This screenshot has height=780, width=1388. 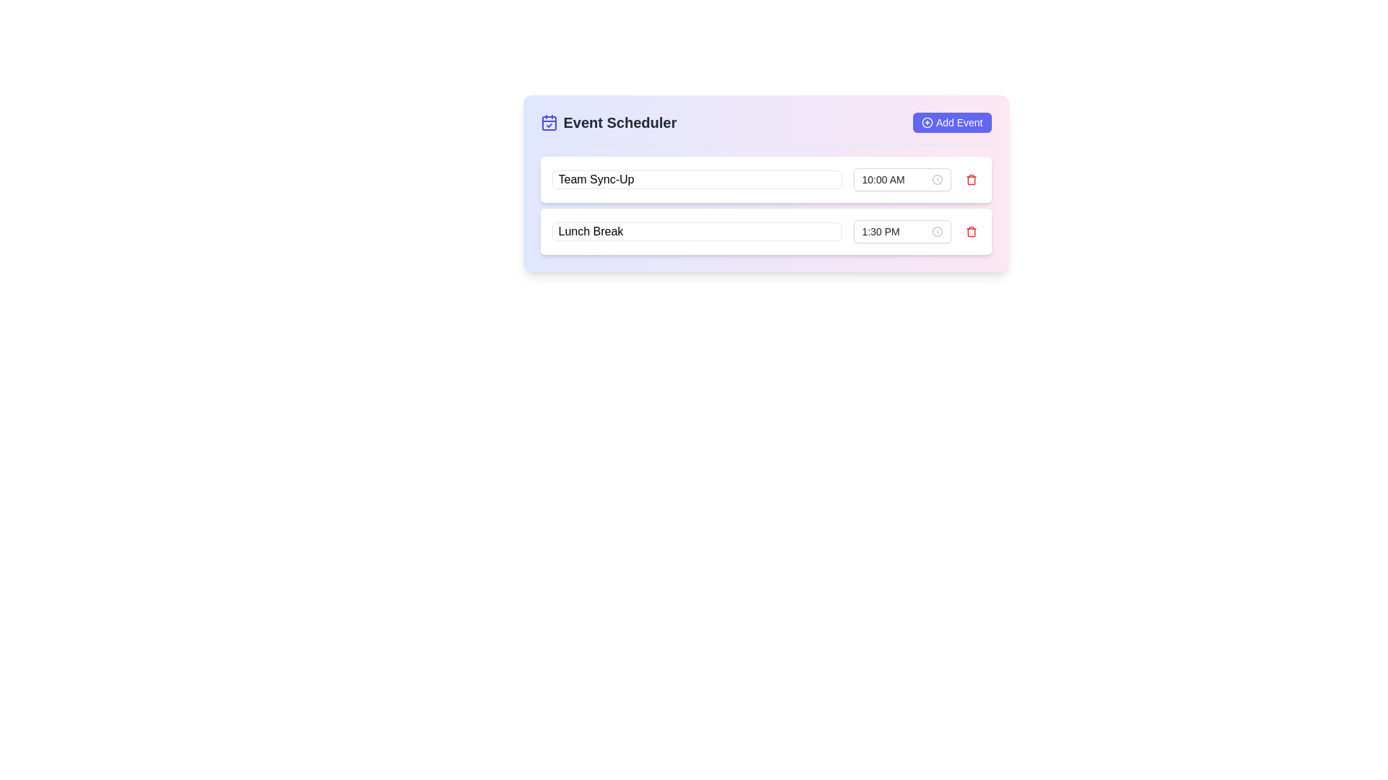 I want to click on a time using the time picker in the Composite UI Component for 'Lunch Break' located in the second row below 'Team Sync-Up', so click(x=765, y=230).